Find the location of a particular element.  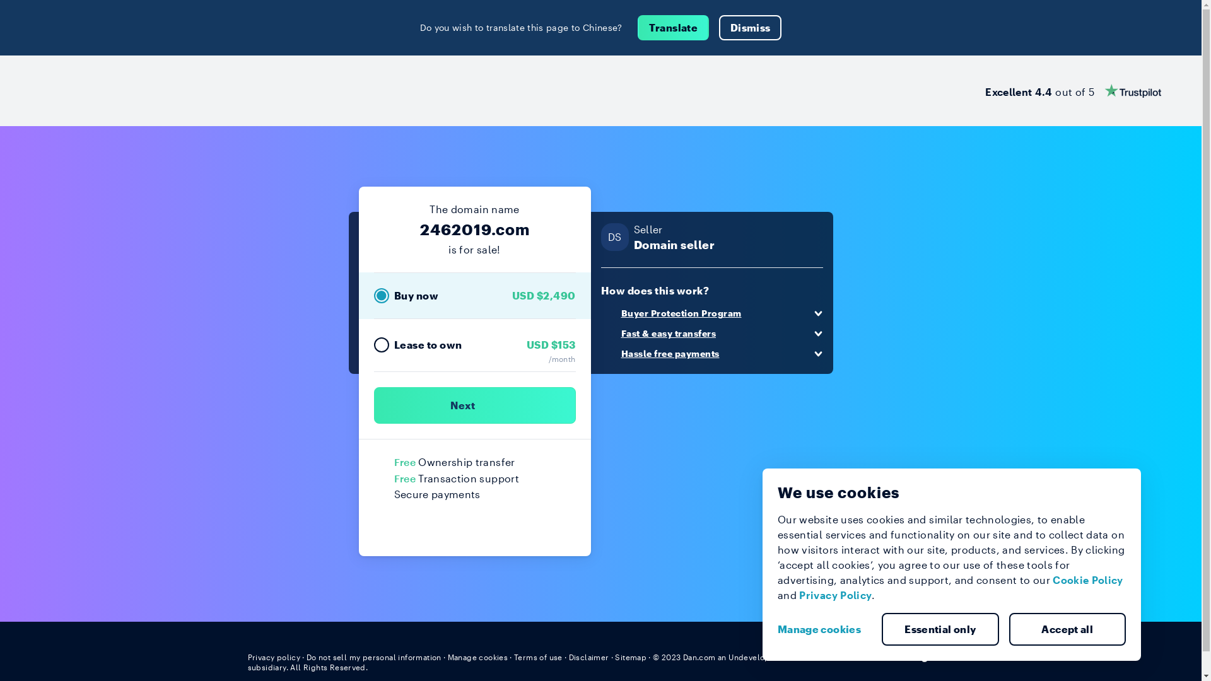

'Accept all' is located at coordinates (1067, 629).